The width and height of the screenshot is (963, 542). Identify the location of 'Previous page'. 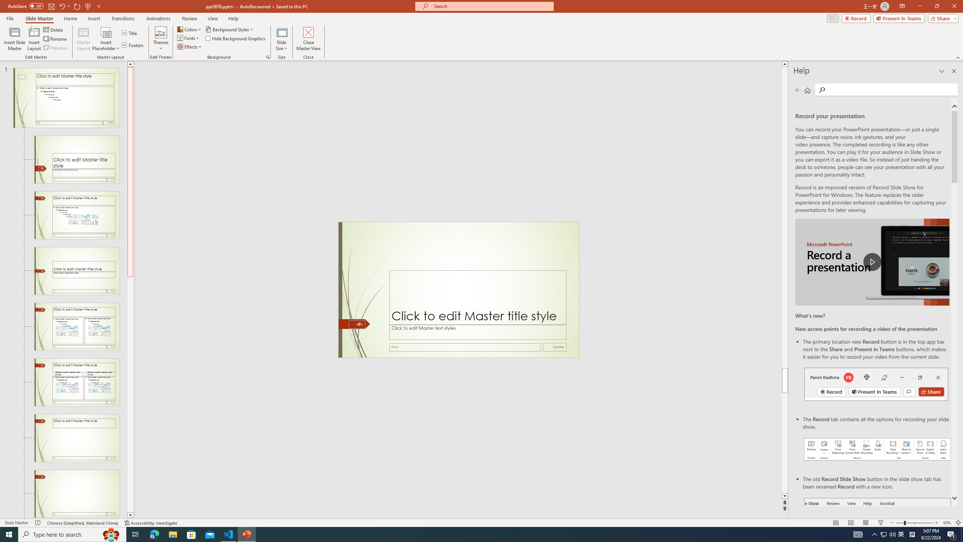
(798, 90).